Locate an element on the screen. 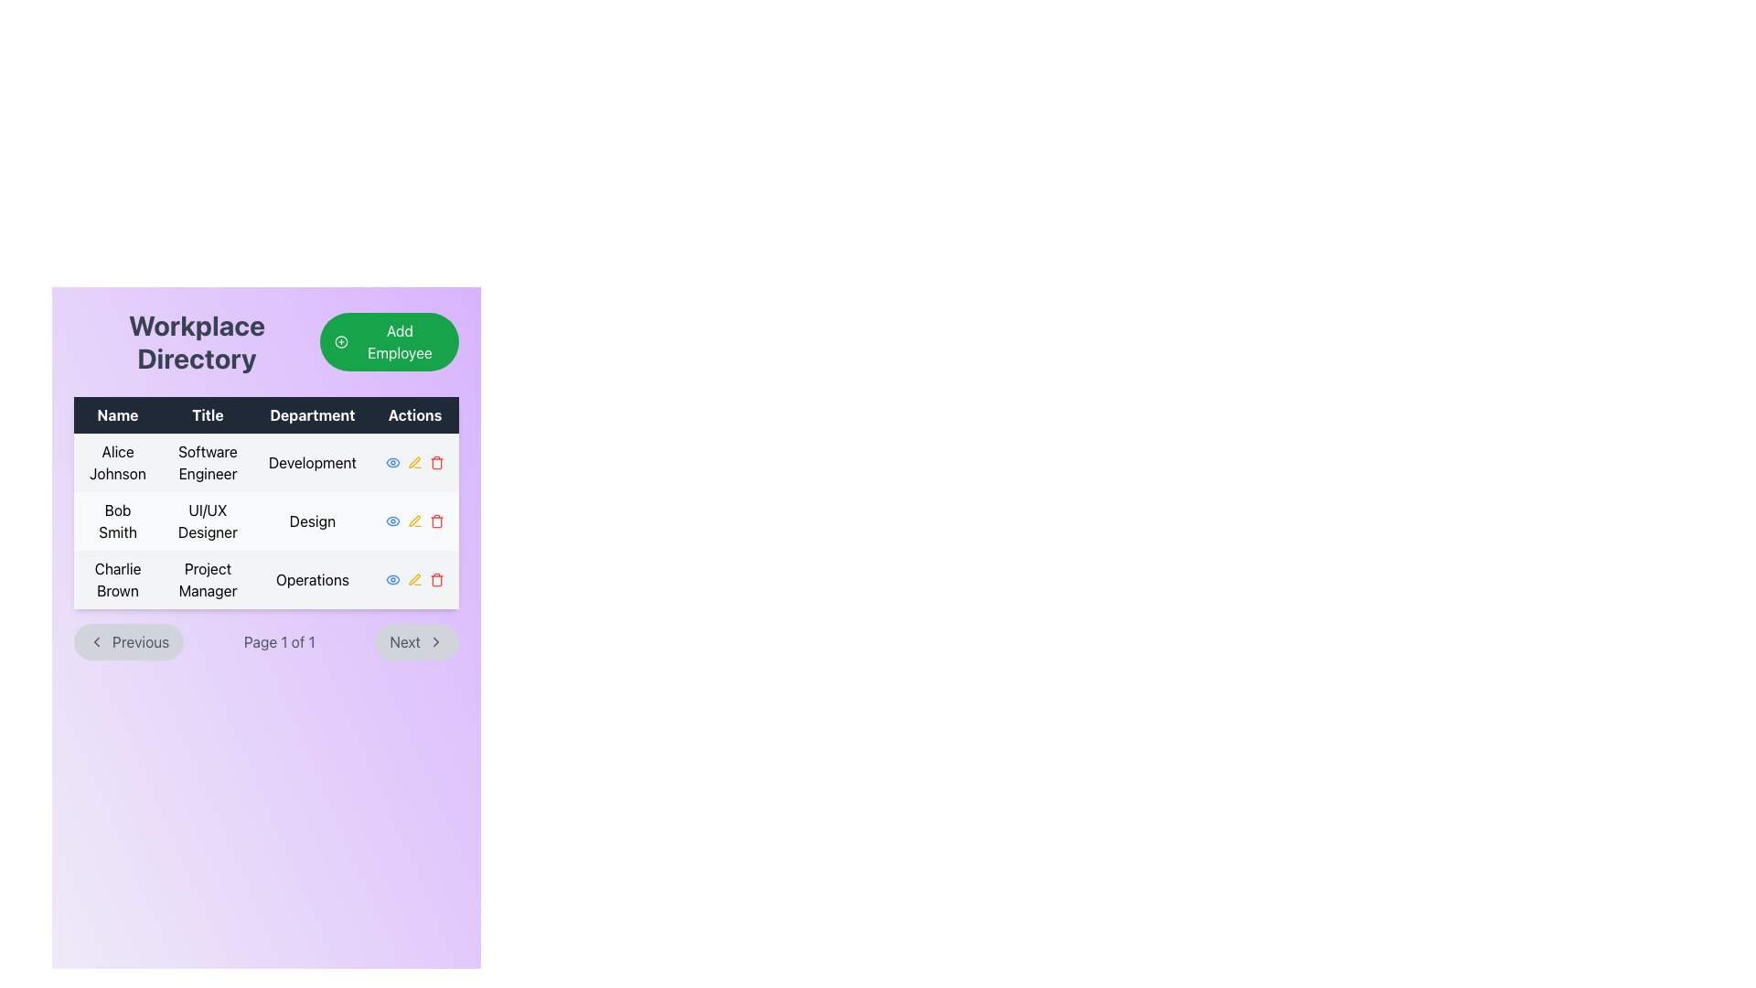 This screenshot has width=1756, height=988. the backward navigation icon located to the left of the 'Previous' button's text label in the bottom navigation section is located at coordinates (95, 641).